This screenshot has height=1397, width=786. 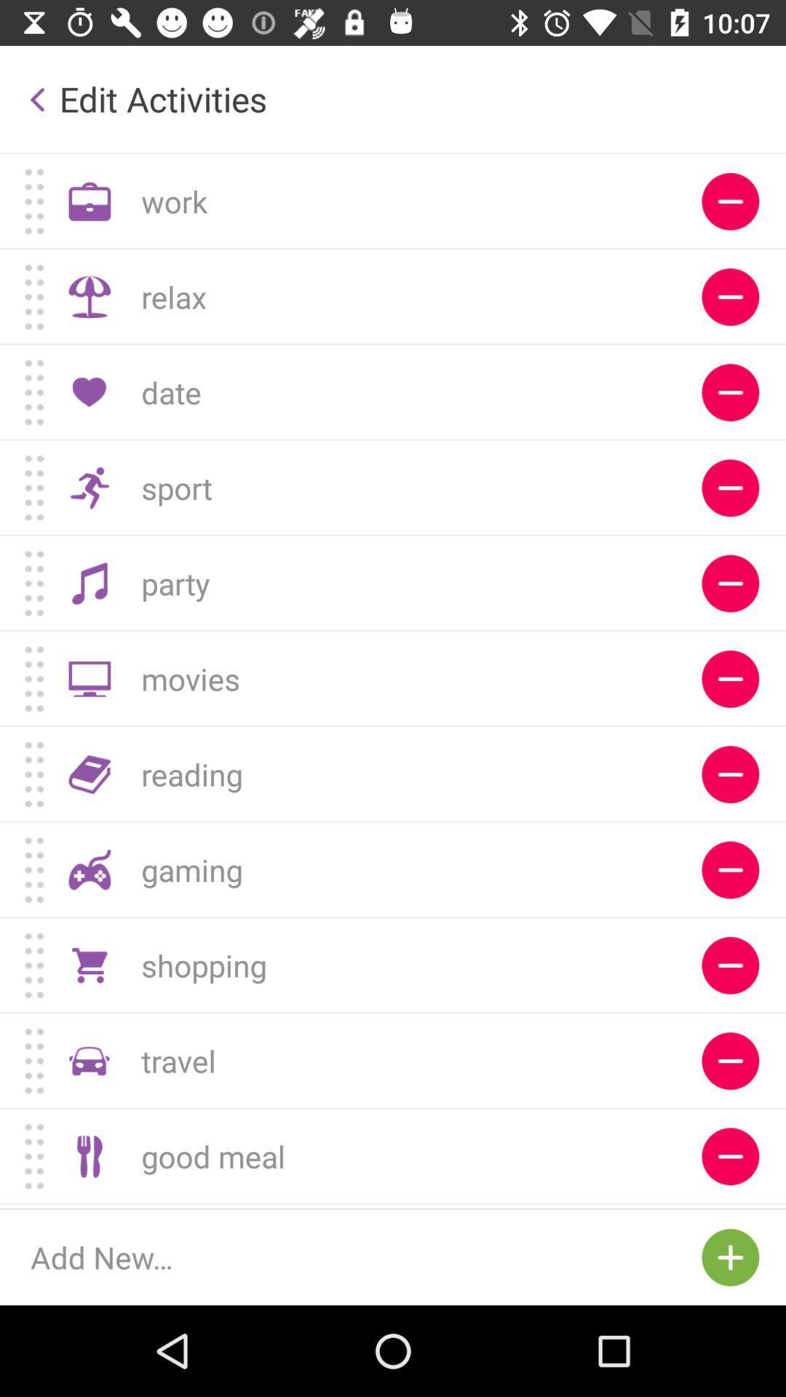 I want to click on remove list item, so click(x=730, y=392).